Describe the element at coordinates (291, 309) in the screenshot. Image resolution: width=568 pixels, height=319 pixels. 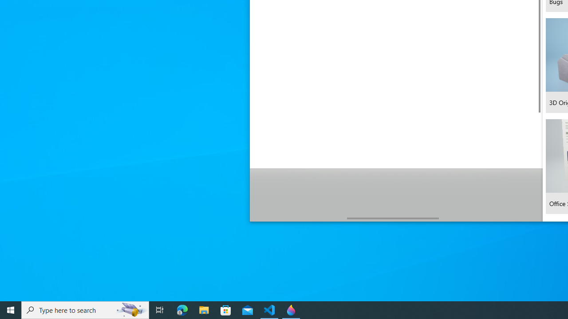
I see `'Paint 3D - 1 running window'` at that location.